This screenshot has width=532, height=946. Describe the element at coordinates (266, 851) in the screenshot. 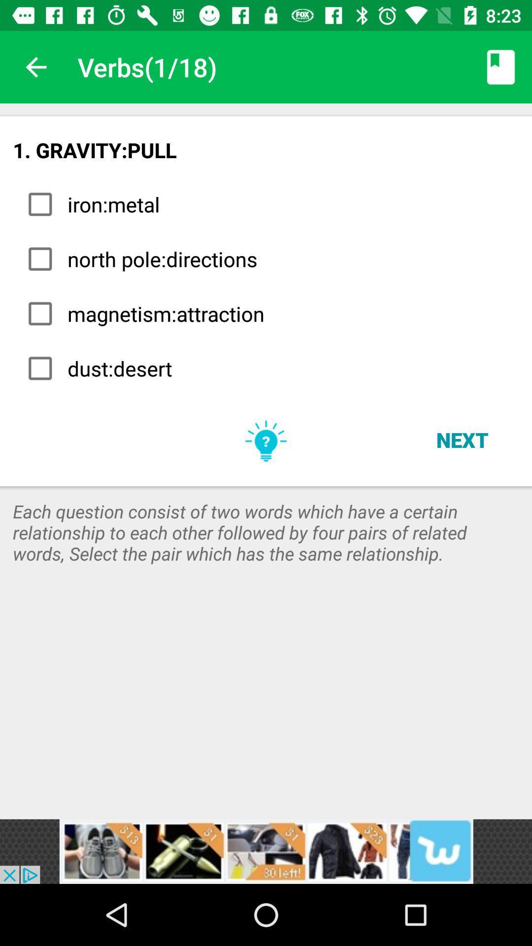

I see `notifications` at that location.